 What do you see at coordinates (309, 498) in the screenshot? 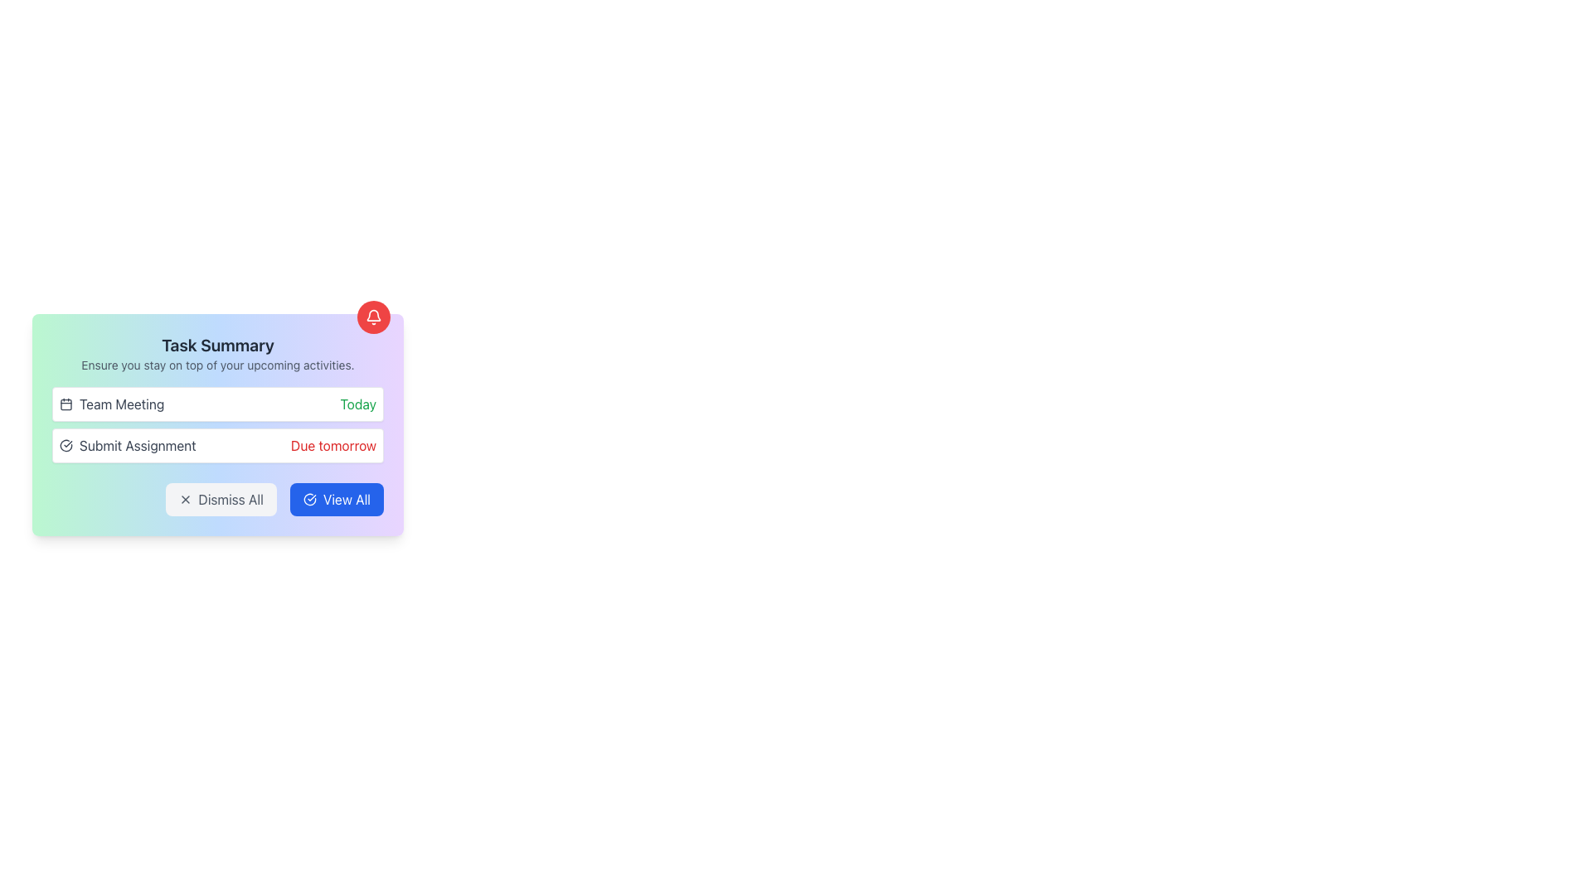
I see `the circular SVG icon with a checkmark inside, located in the bottom-right area of the 'Task Summary' box, which is part of the 'View All' button` at bounding box center [309, 498].